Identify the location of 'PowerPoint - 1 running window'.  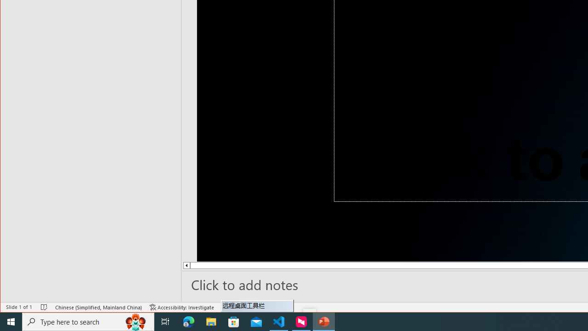
(324, 321).